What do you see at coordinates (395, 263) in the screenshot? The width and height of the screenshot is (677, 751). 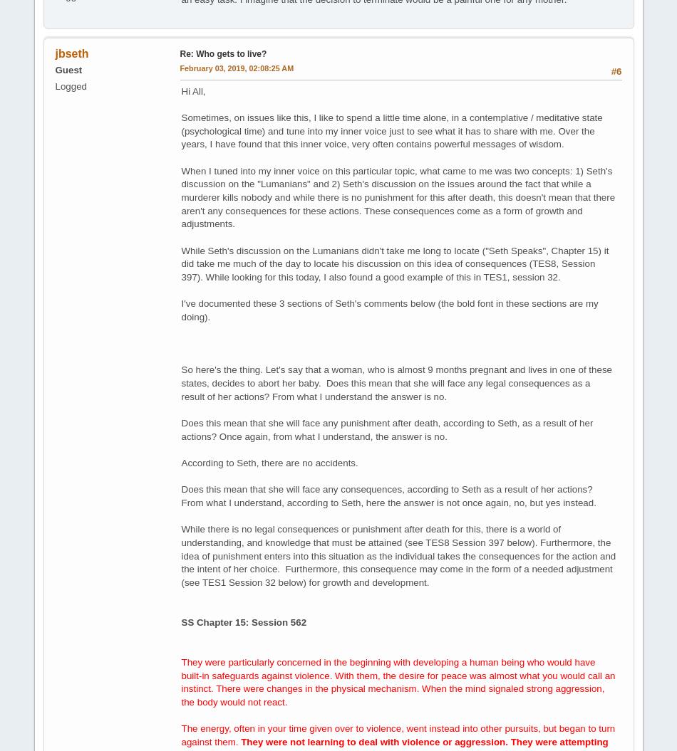 I see `'While Seth's discussion on the Lumanians didn't take me long to locate ("Seth Speaks", Chapter 15) it did take me much of the day to locate his discussion on this idea of consequences (TES8, Session 397). While looking for this today, I also found a good example of this in TES1, session 32.'` at bounding box center [395, 263].